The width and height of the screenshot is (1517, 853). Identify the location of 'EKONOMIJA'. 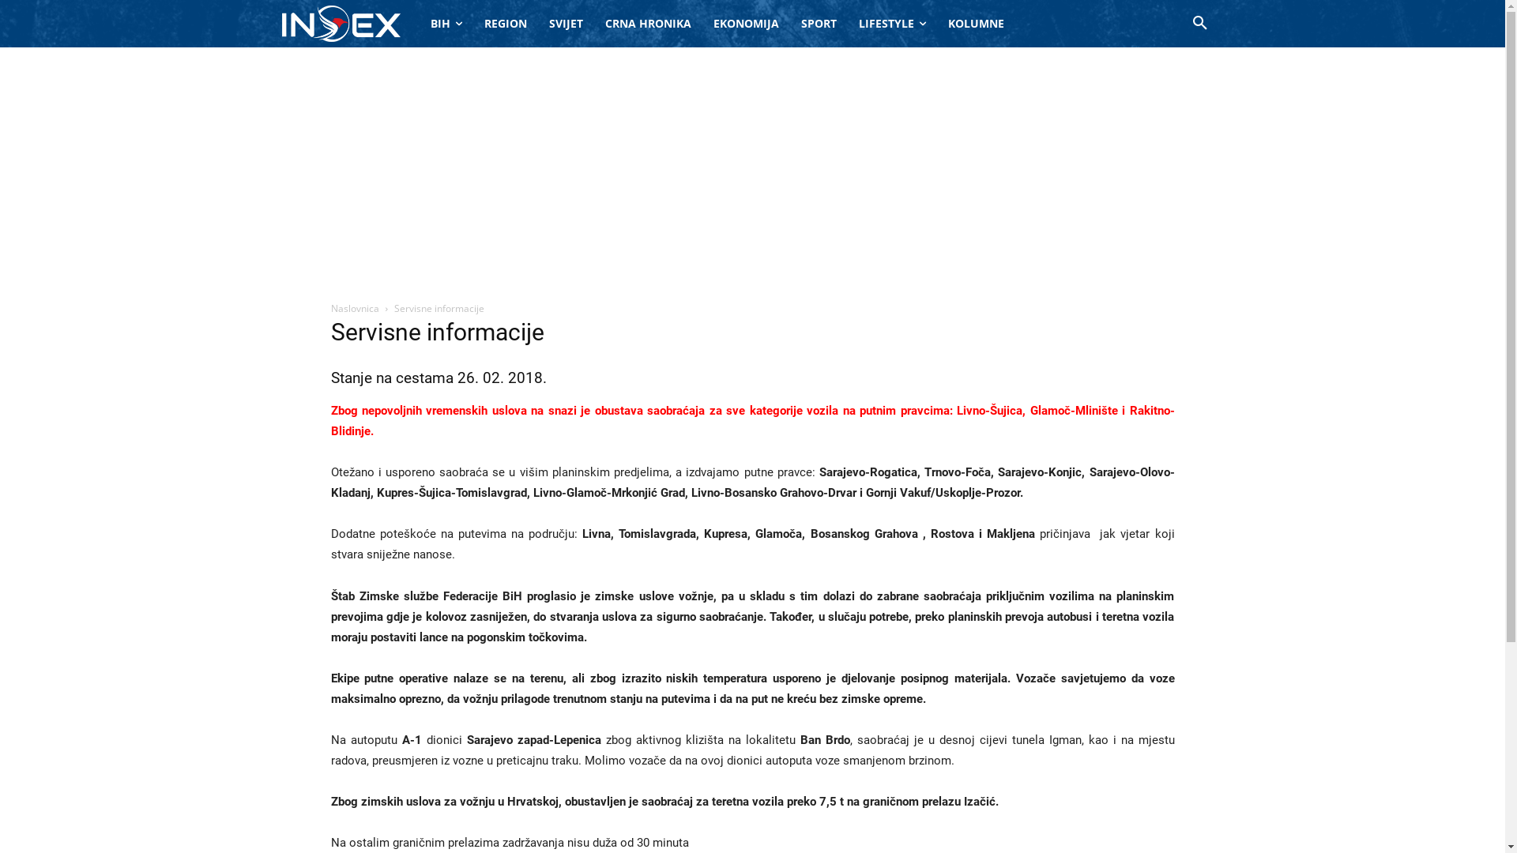
(744, 24).